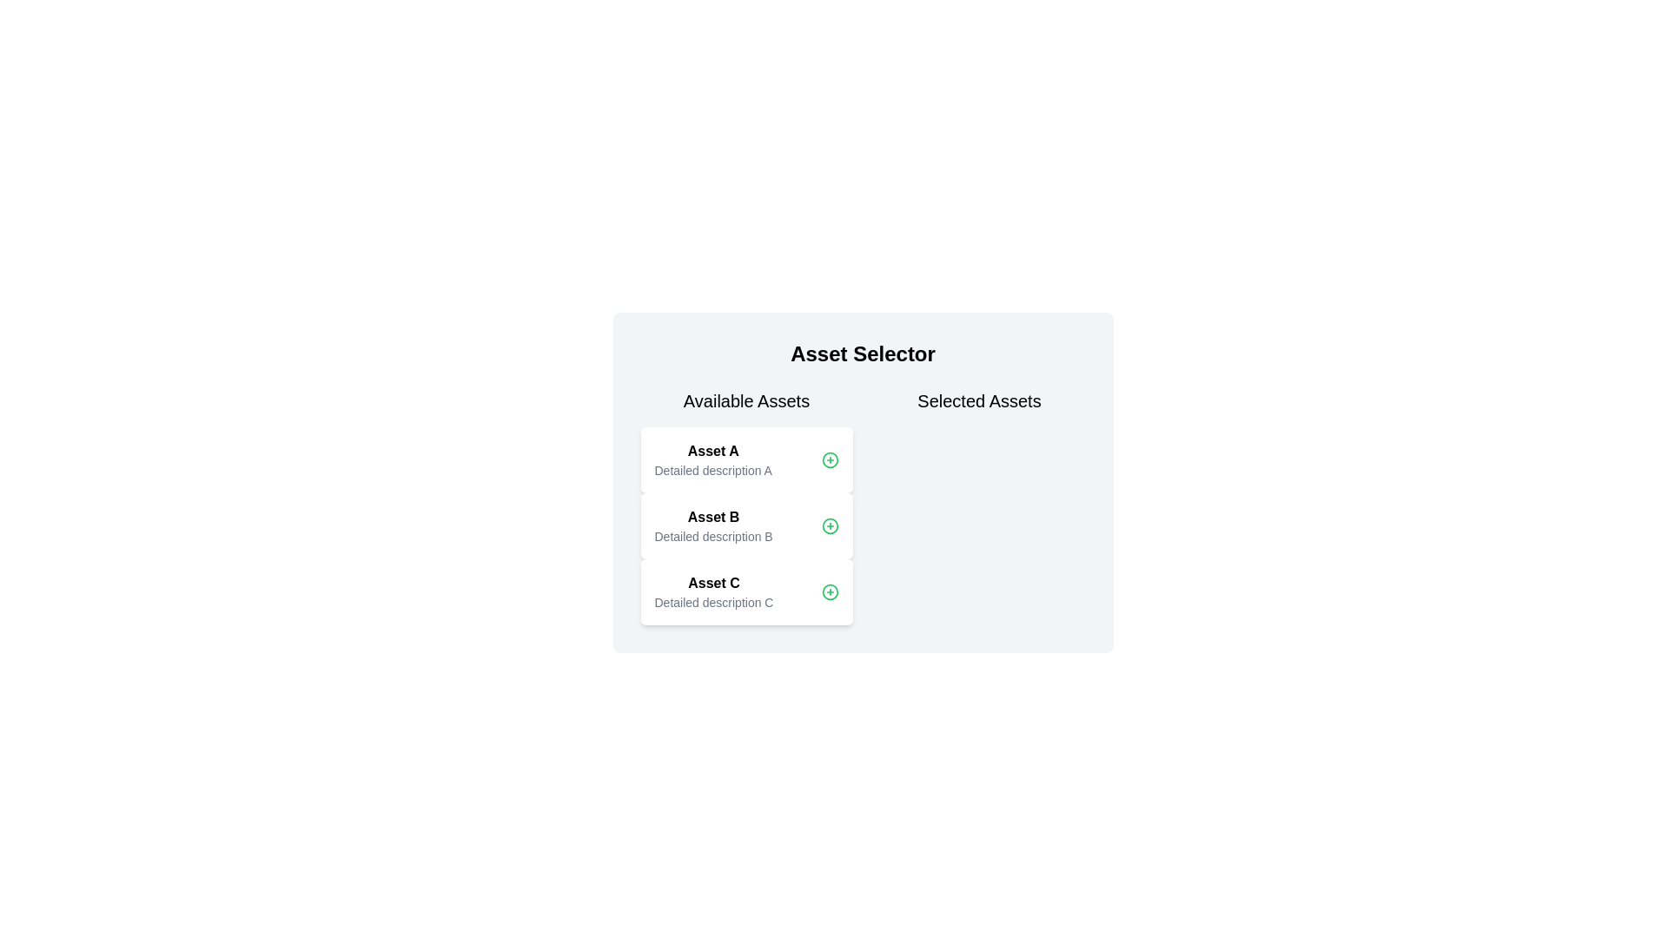 This screenshot has width=1668, height=938. What do you see at coordinates (713, 451) in the screenshot?
I see `the bold text label 'Asset A' in the 'Available Assets' section of the 'Asset Selector' interface` at bounding box center [713, 451].